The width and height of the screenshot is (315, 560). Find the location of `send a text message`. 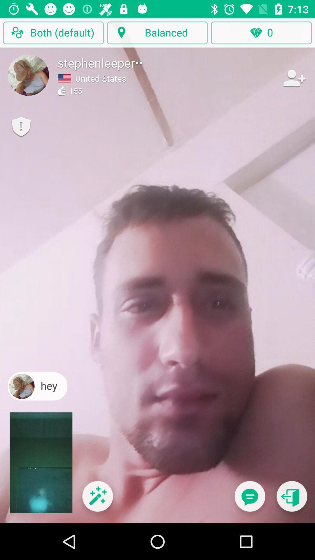

send a text message is located at coordinates (249, 500).